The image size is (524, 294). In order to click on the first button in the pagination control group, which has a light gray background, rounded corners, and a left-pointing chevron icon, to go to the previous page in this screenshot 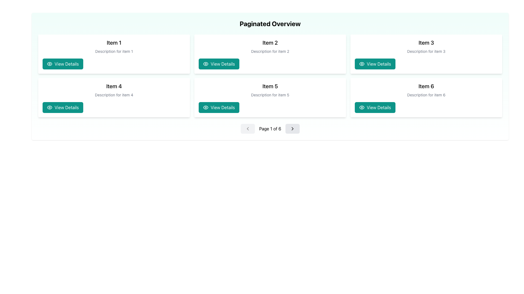, I will do `click(247, 129)`.